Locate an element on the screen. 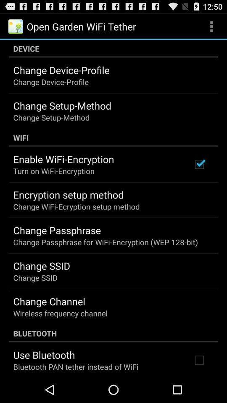 The image size is (227, 403). item below the use bluetooth icon is located at coordinates (76, 366).